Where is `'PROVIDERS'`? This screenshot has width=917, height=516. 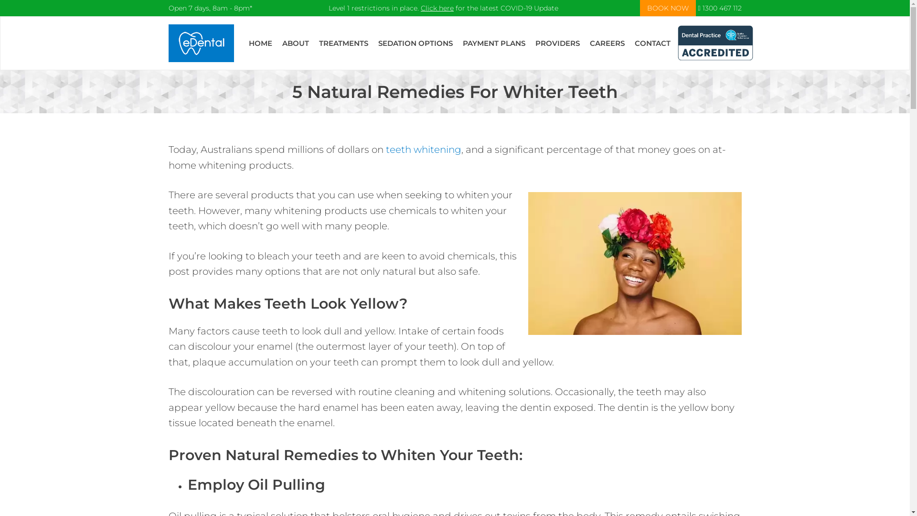 'PROVIDERS' is located at coordinates (557, 43).